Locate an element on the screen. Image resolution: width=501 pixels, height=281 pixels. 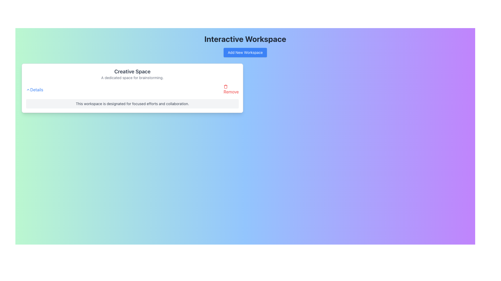
the Text Display element that serves as a header and brief description for the workspace feature, located at the upper part of the content card is located at coordinates (132, 74).